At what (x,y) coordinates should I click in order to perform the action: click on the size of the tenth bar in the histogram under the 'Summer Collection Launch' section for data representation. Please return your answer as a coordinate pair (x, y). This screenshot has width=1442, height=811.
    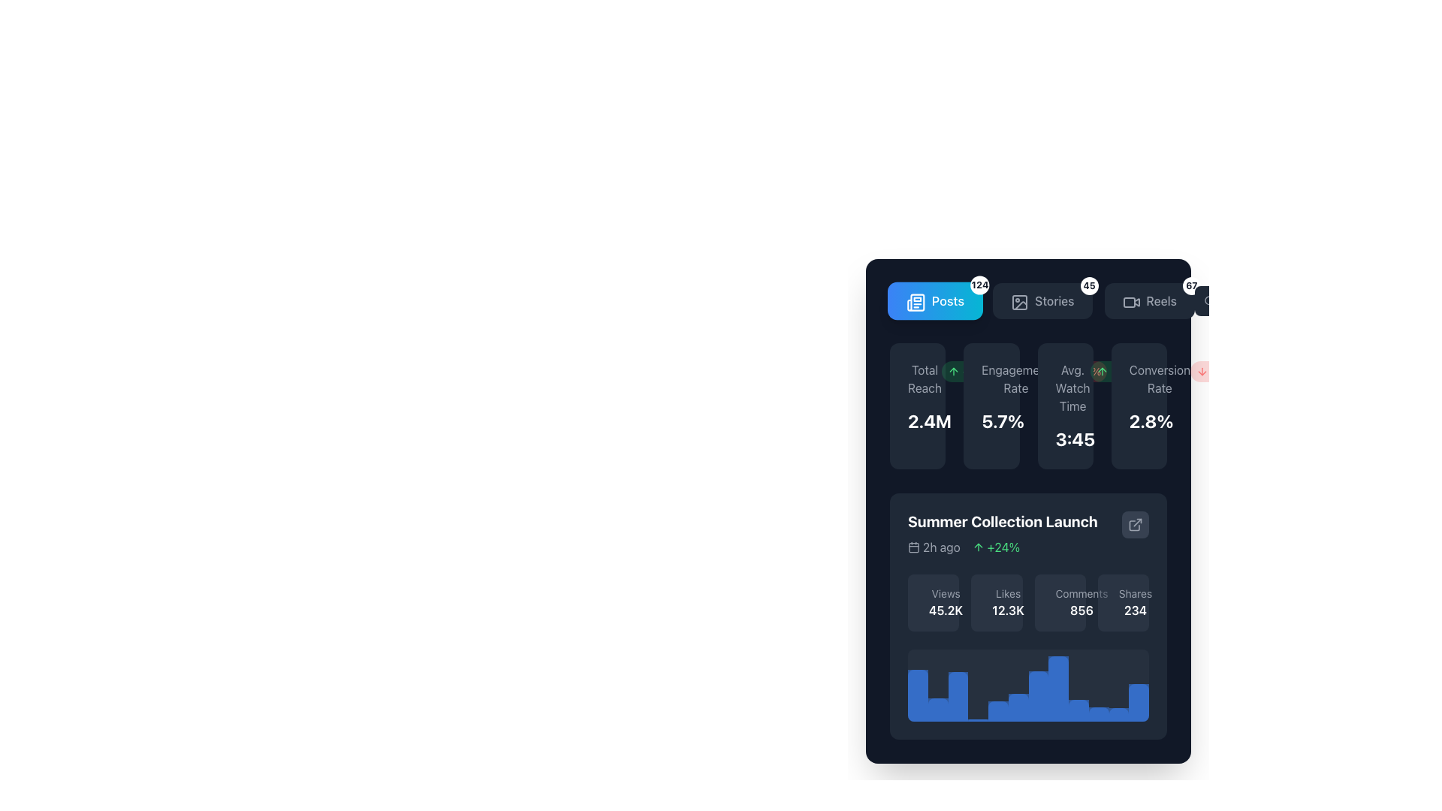
    Looking at the image, I should click on (1099, 713).